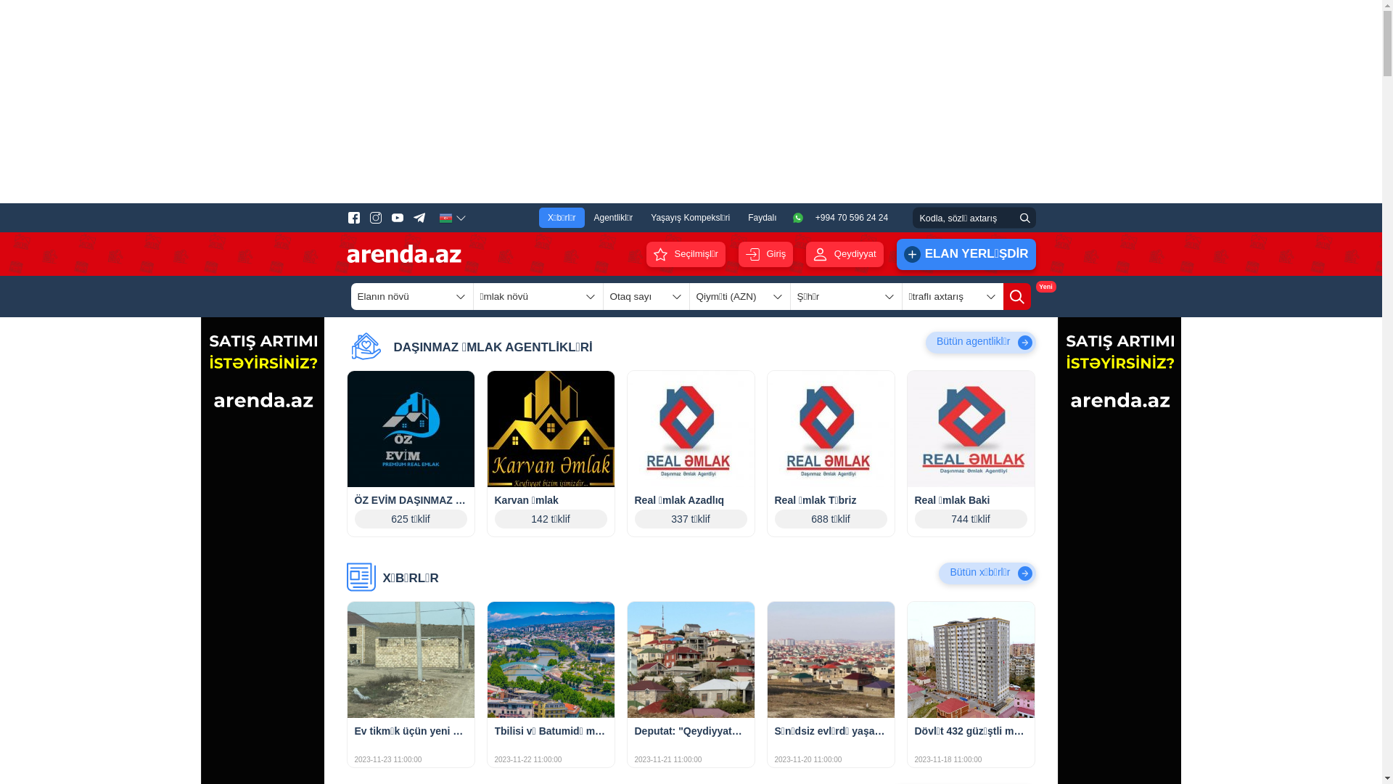  What do you see at coordinates (842, 218) in the screenshot?
I see `'+994 70 596 24 24'` at bounding box center [842, 218].